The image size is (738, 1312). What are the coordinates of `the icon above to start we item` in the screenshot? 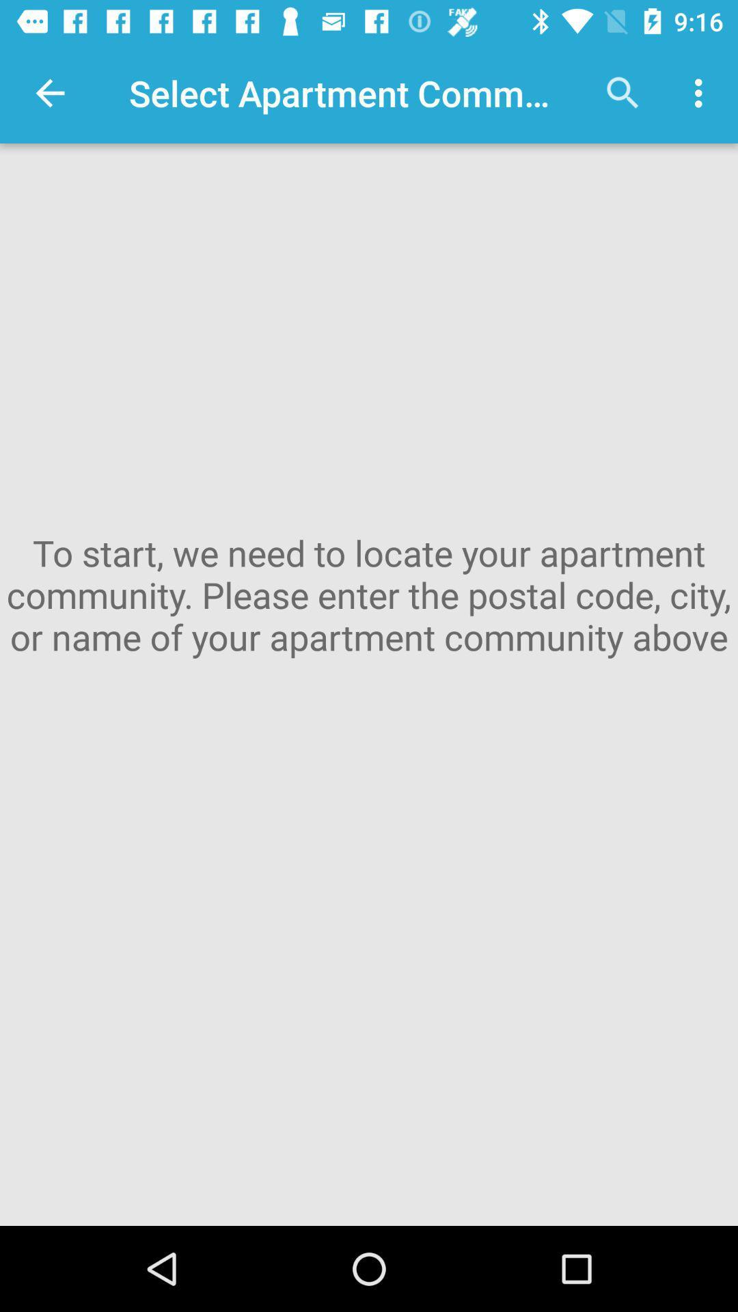 It's located at (702, 92).